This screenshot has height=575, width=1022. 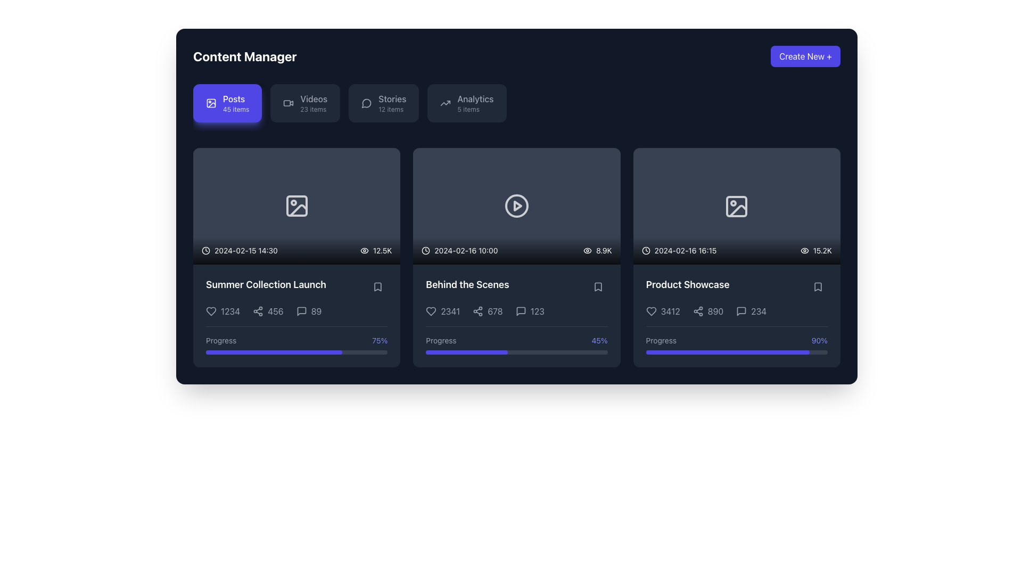 I want to click on the Text Label that serves as a counter or display text, positioned to the right of a share icon, located at the bottom of the leftmost card, so click(x=275, y=311).